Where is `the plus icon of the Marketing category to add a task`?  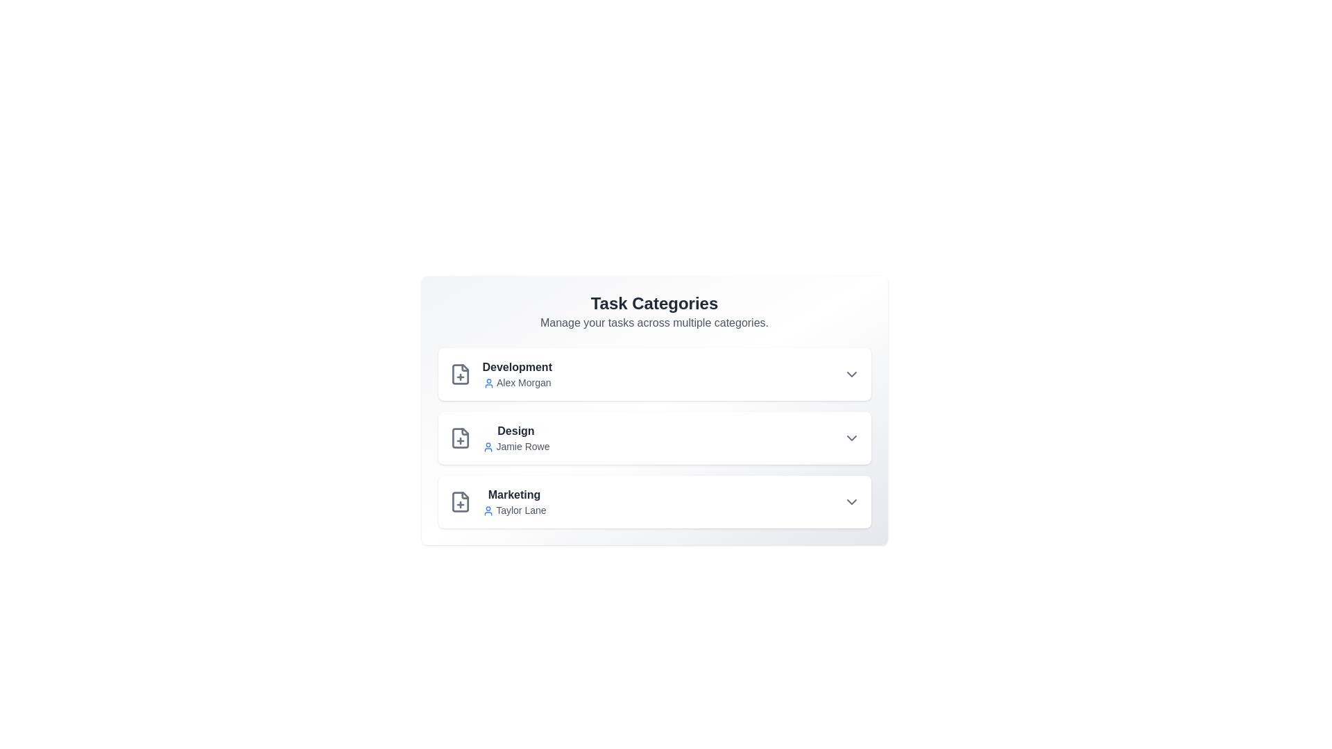 the plus icon of the Marketing category to add a task is located at coordinates (460, 502).